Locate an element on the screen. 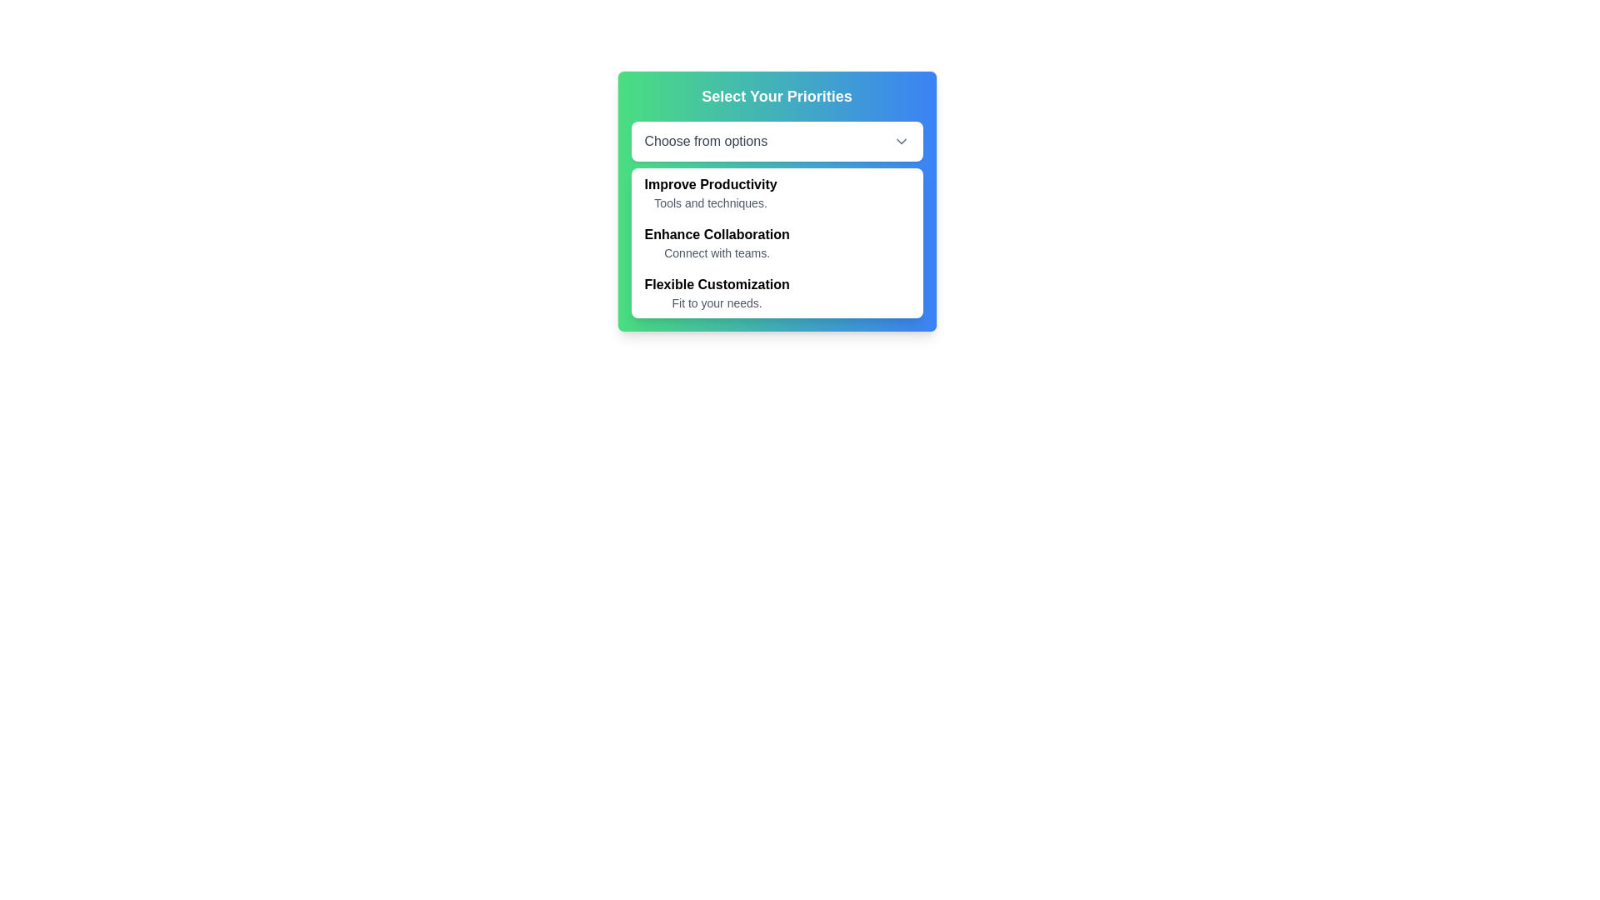 The height and width of the screenshot is (900, 1600). the 'Improve Productivity' option in the dropdown menu, which is the first selectable item beneath 'Select Your Priorities' is located at coordinates (711, 192).